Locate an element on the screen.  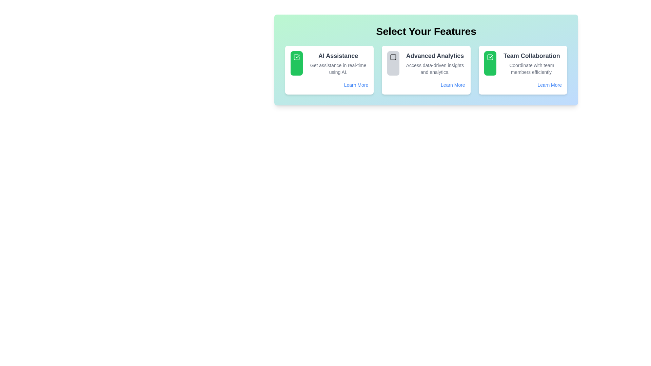
the Infobox that features 'Team Collaboration', which is the second card in a row of three feature cards, positioned below the title 'Select Your Features' is located at coordinates (522, 63).